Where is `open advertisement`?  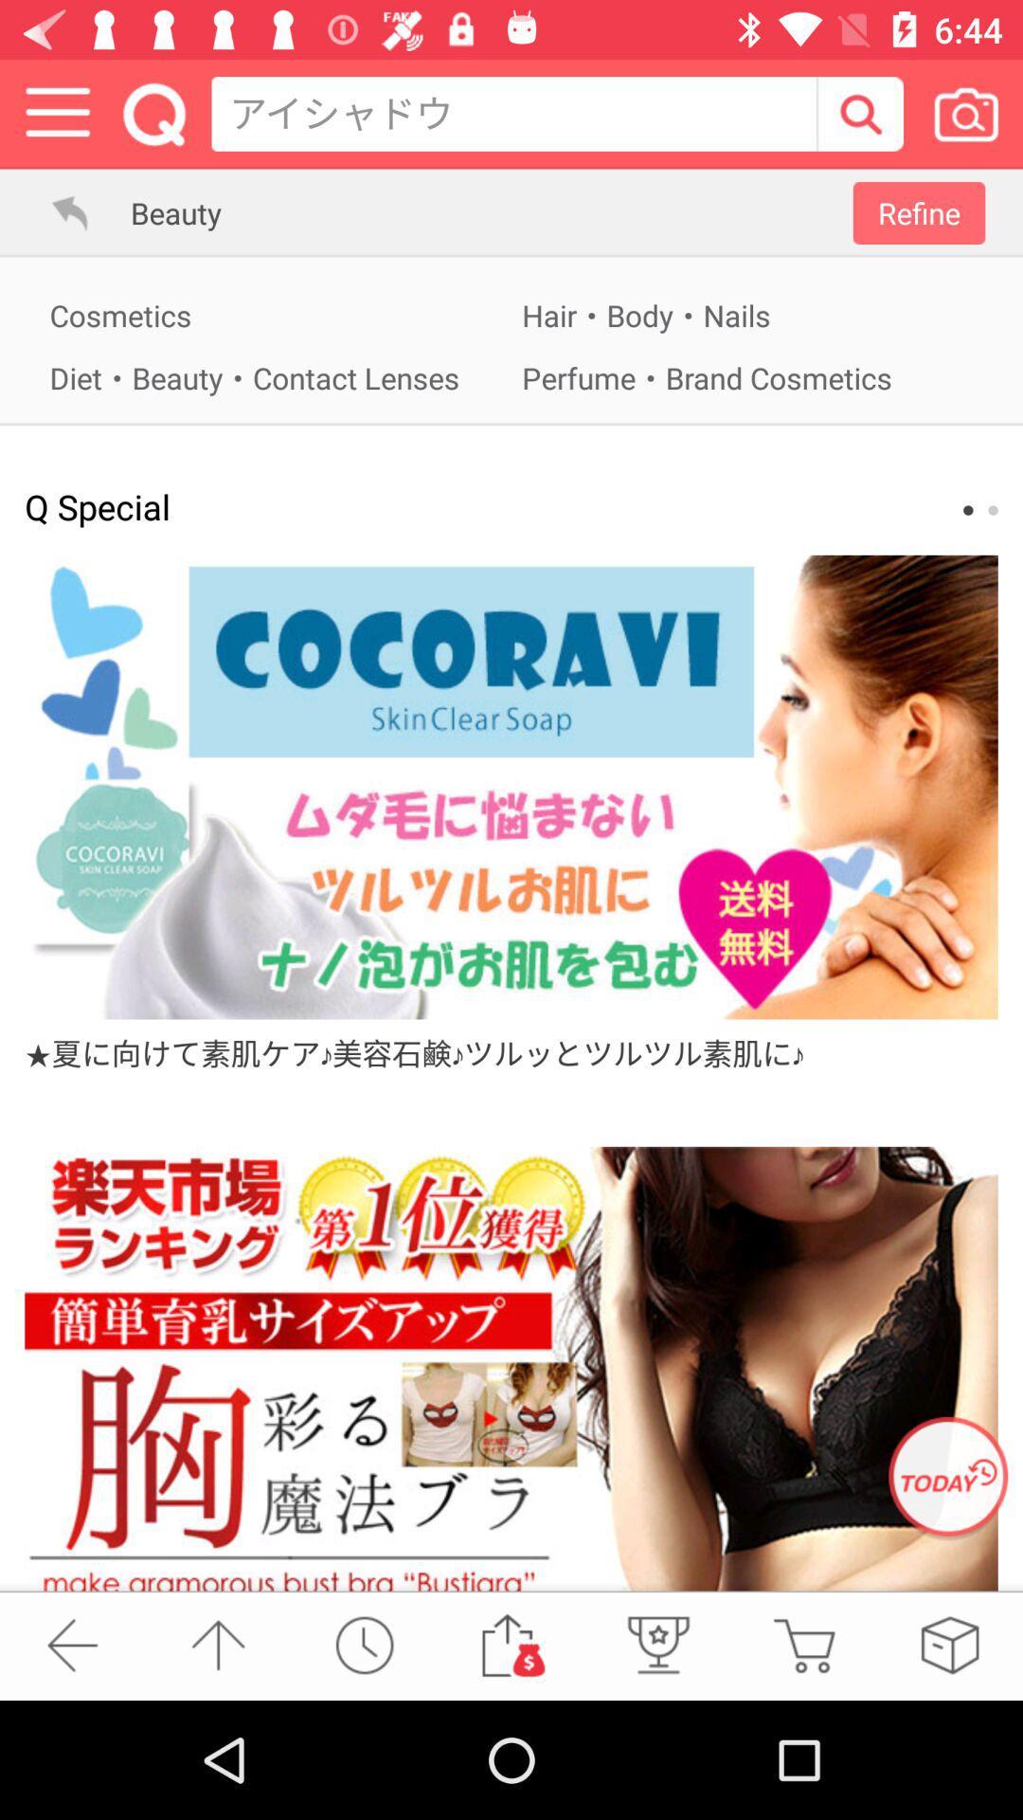 open advertisement is located at coordinates (511, 1369).